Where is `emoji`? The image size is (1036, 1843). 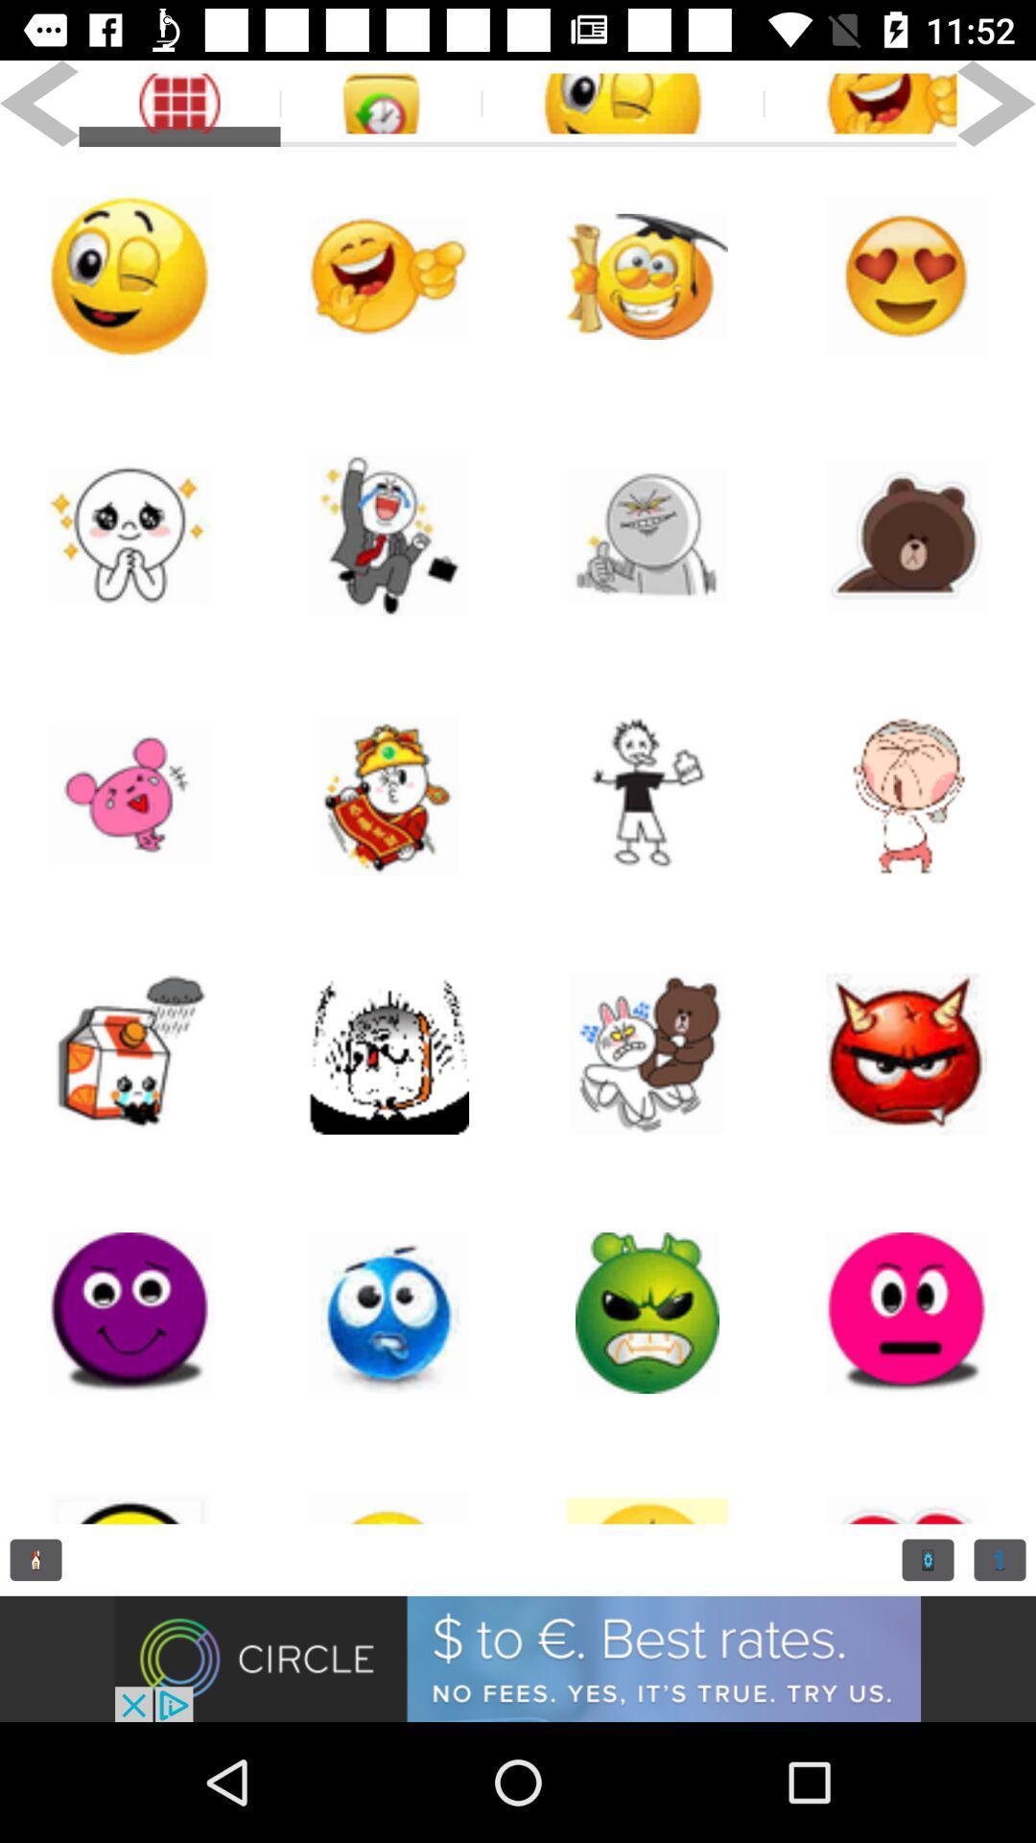 emoji is located at coordinates (647, 1312).